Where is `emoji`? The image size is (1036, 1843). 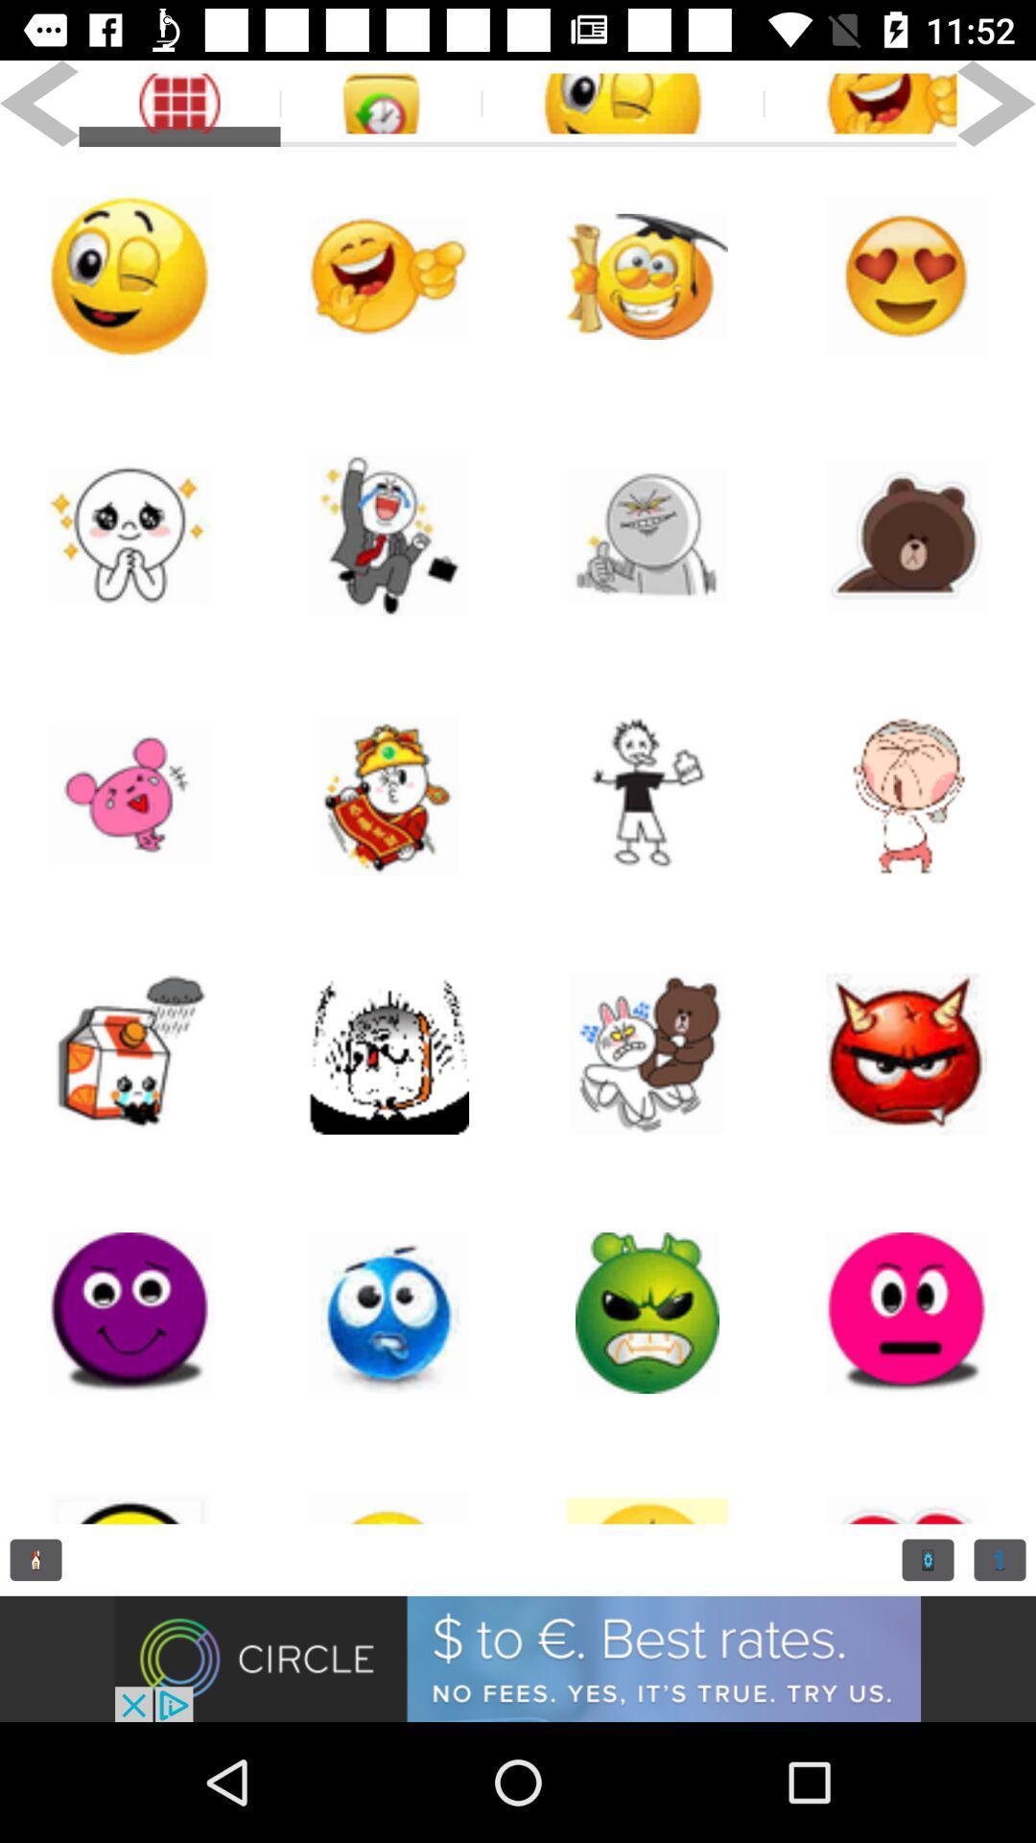 emoji is located at coordinates (647, 1312).